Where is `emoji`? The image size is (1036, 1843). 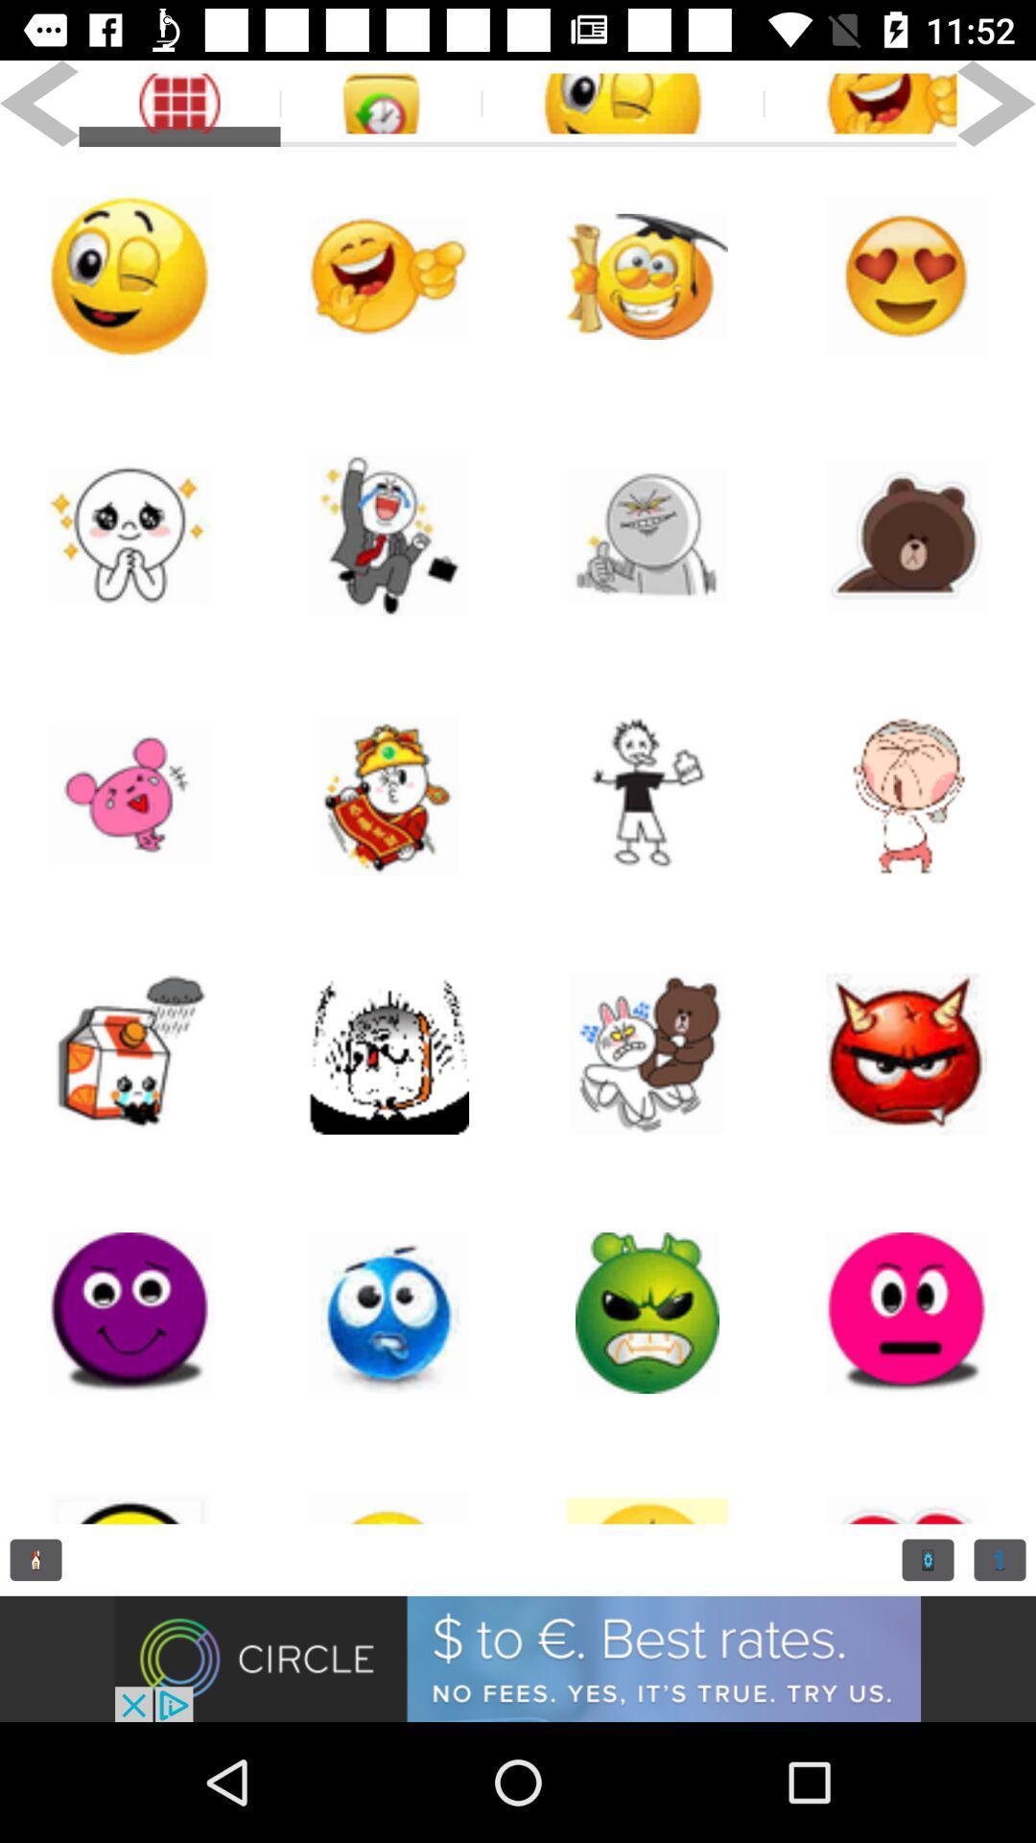 emoji is located at coordinates (647, 1312).